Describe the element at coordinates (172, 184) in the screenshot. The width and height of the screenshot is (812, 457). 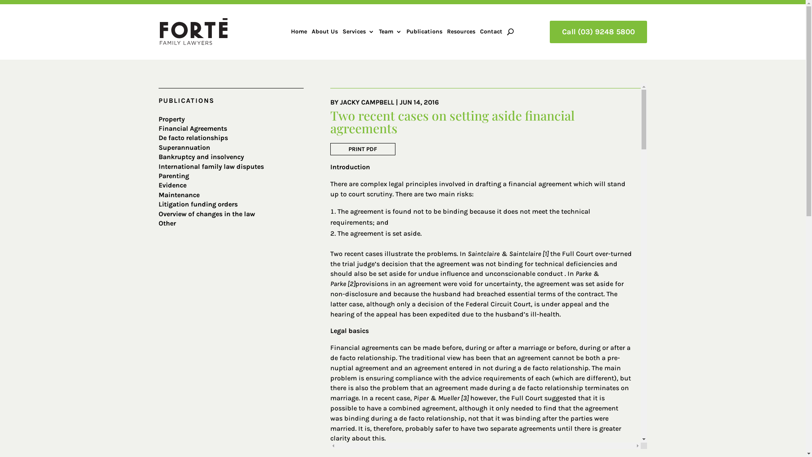
I see `'Evidence'` at that location.